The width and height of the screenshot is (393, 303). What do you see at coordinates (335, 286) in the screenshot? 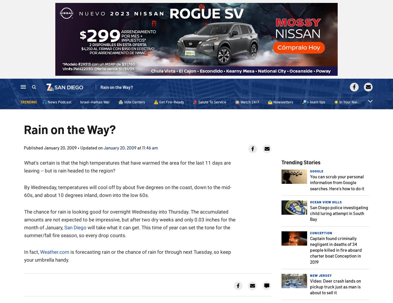
I see `'Video: Deer crash lands on pickup truck just as man is about to sell it'` at bounding box center [335, 286].